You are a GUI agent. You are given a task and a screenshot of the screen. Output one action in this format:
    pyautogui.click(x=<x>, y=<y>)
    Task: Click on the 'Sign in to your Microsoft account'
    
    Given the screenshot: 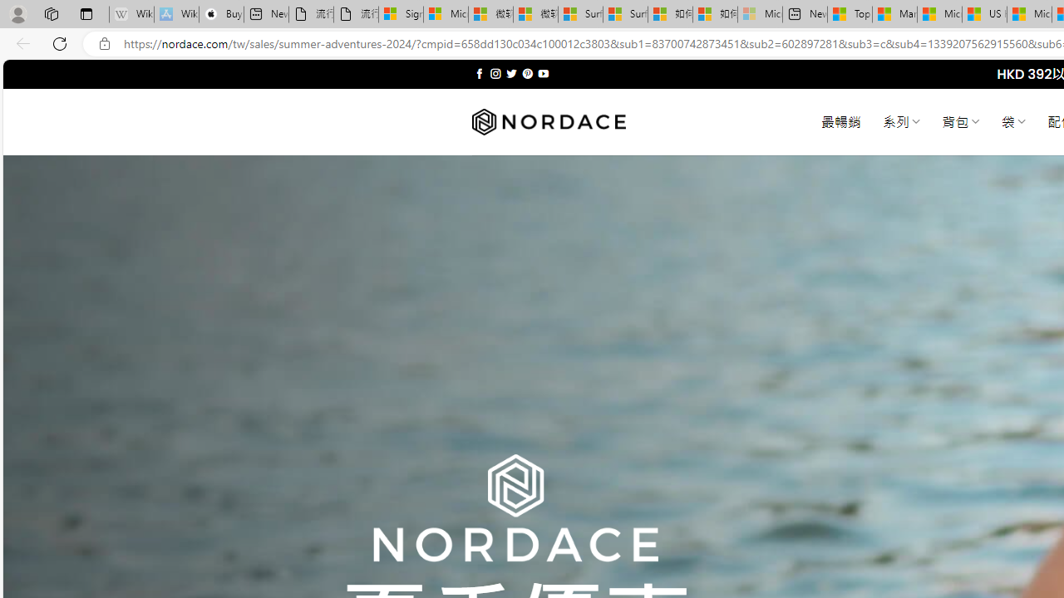 What is the action you would take?
    pyautogui.click(x=401, y=14)
    